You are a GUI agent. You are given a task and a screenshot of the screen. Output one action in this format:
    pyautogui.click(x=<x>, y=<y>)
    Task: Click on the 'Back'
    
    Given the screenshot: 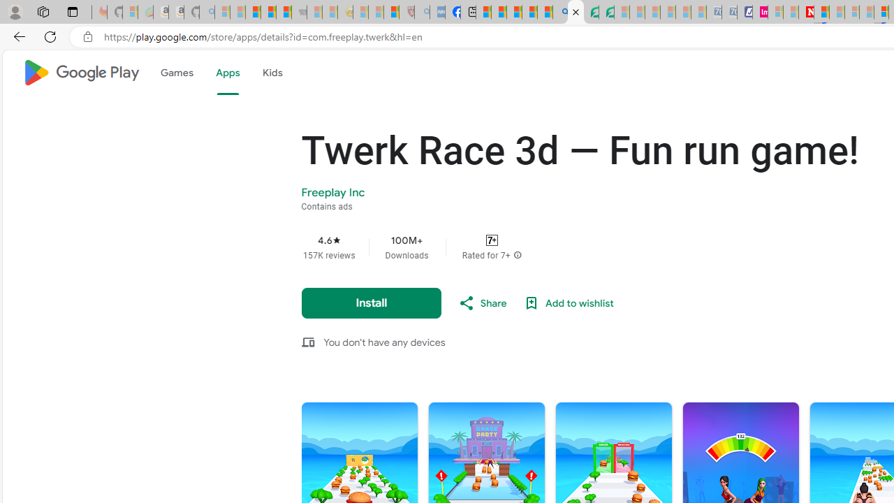 What is the action you would take?
    pyautogui.click(x=17, y=36)
    